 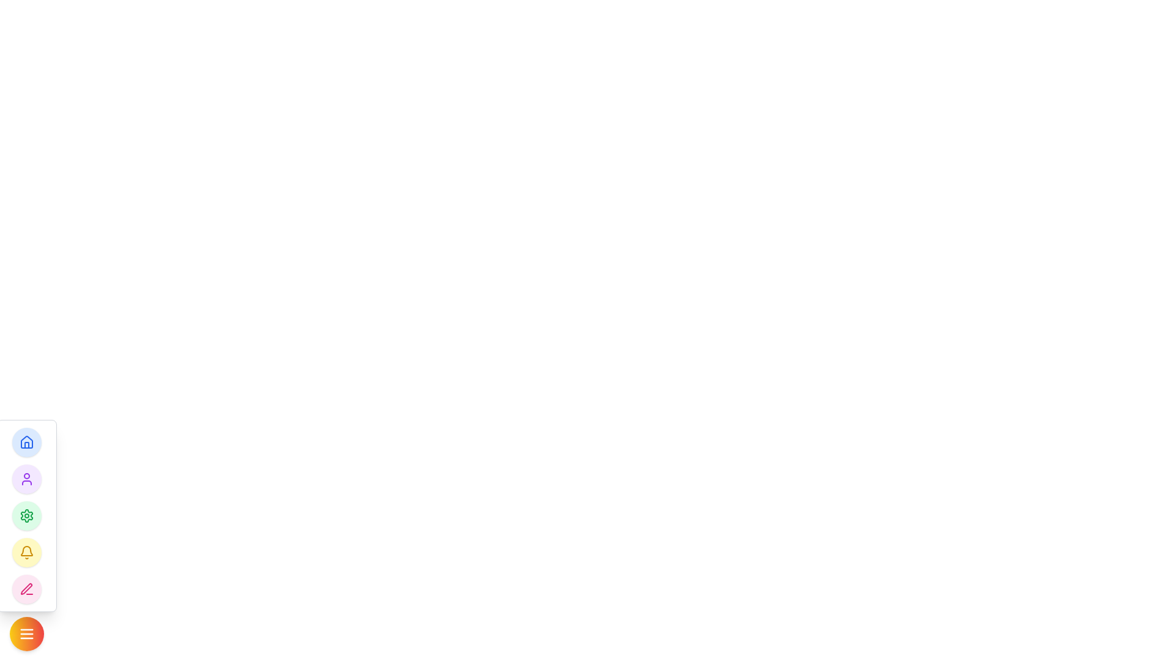 I want to click on the circular purple button with a user silhouette icon, which is the second button in a vertical sidebar menu, so click(x=26, y=479).